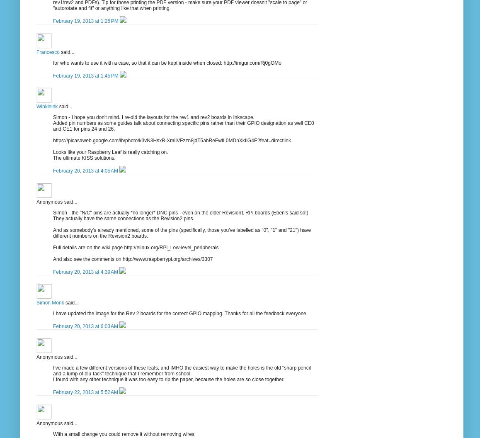 The image size is (480, 438). Describe the element at coordinates (180, 313) in the screenshot. I see `'I have updated the image for the Rev 2 boards for the correct GPIO mapping. Thanks for all the feedback everyone.'` at that location.